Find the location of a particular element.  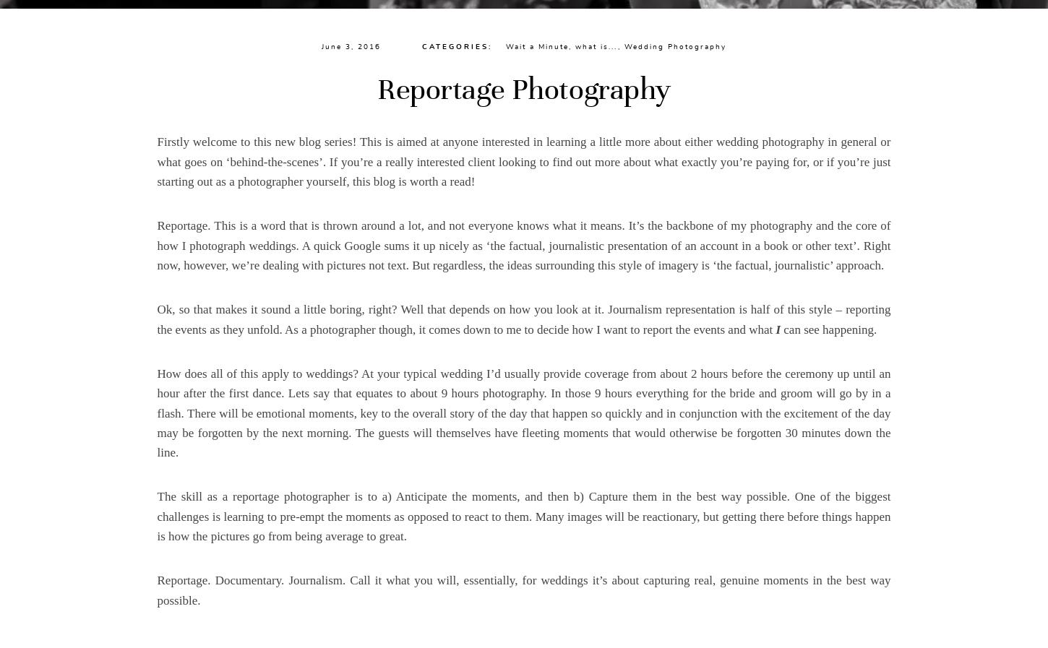

'Wedding Photography' is located at coordinates (674, 46).